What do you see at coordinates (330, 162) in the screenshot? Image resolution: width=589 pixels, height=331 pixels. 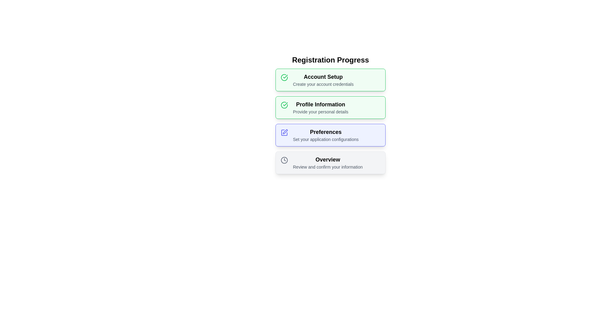 I see `the final card in the registration process interface` at bounding box center [330, 162].